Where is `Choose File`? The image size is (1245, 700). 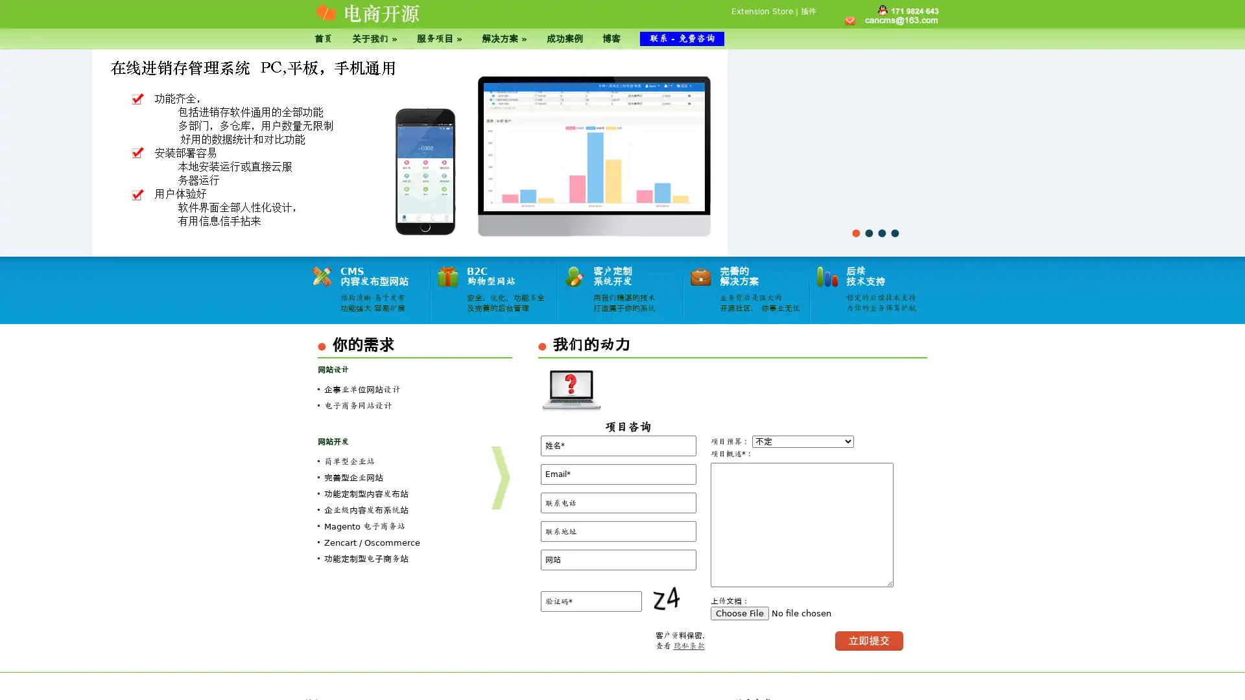
Choose File is located at coordinates (739, 612).